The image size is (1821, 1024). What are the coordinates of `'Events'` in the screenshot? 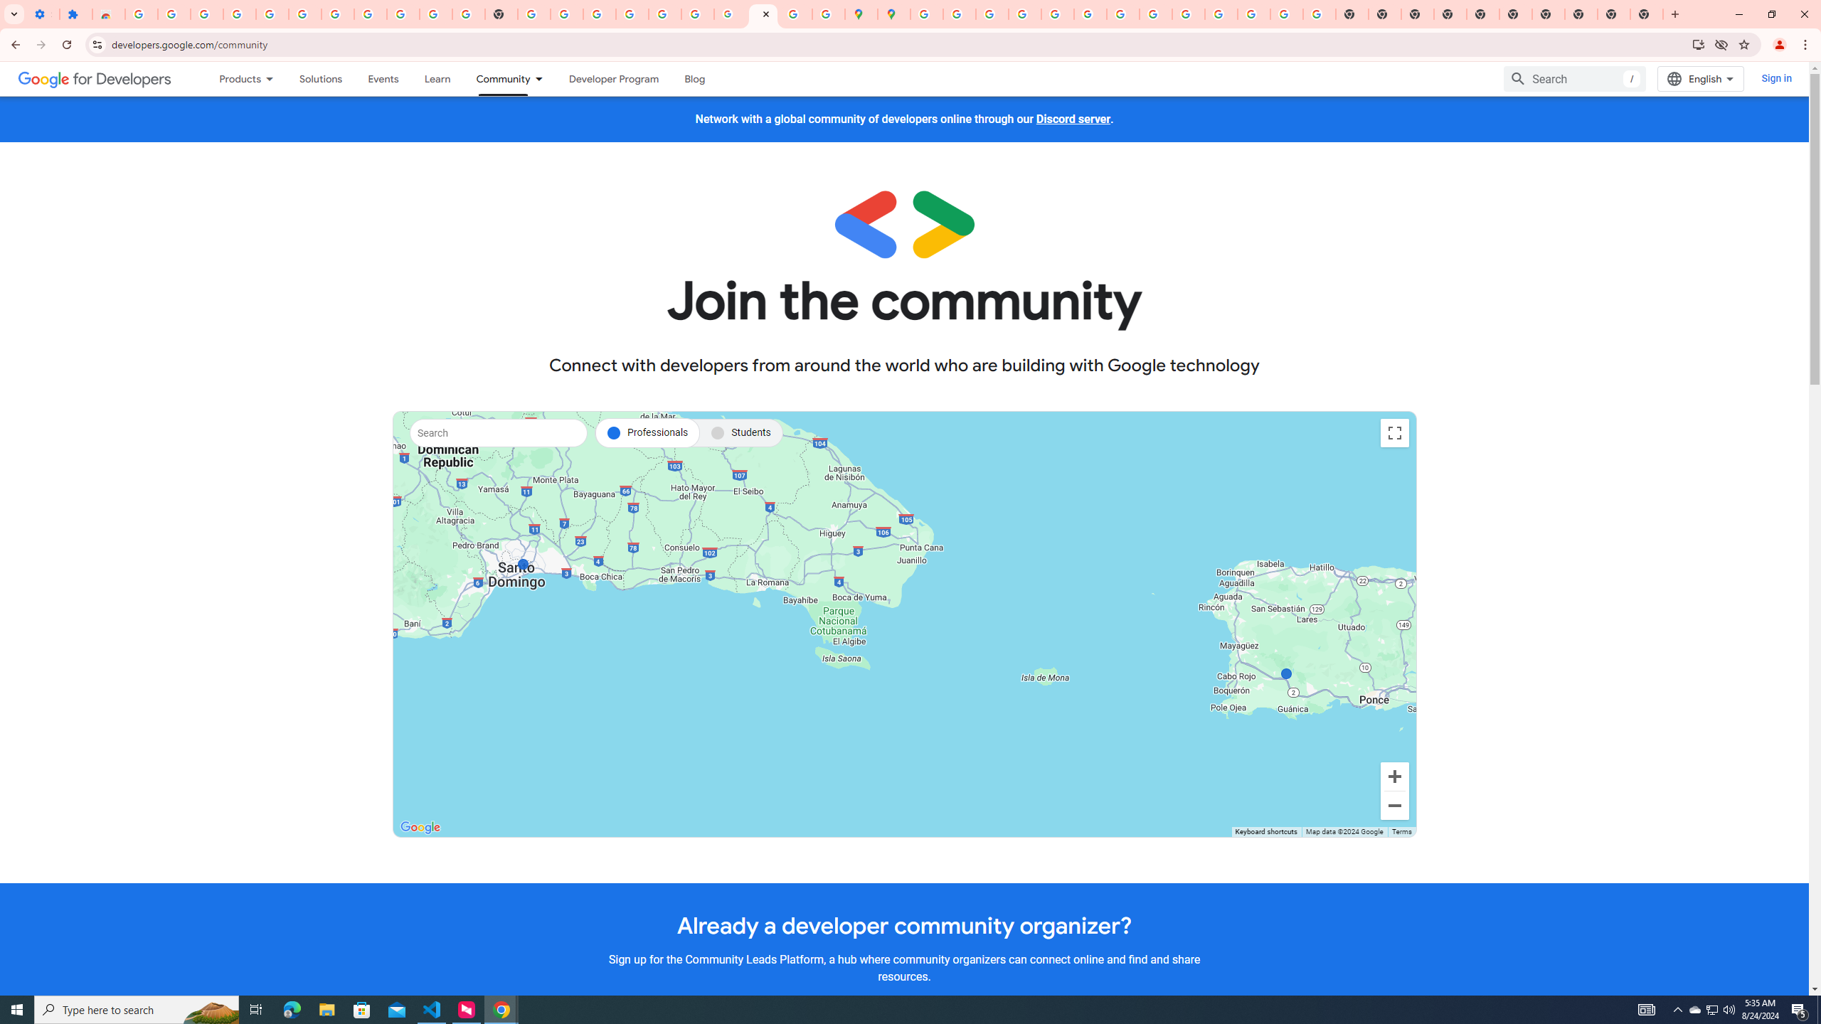 It's located at (383, 78).